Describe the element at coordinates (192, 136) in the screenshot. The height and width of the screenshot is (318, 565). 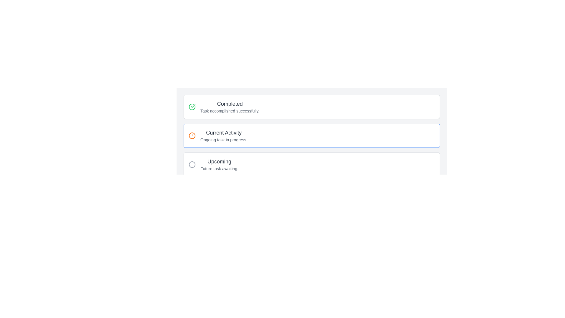
I see `the visual indicator icon located to the left of the text content in the 'Current Activity' card, which is the middle card in a vertical list of three cards` at that location.